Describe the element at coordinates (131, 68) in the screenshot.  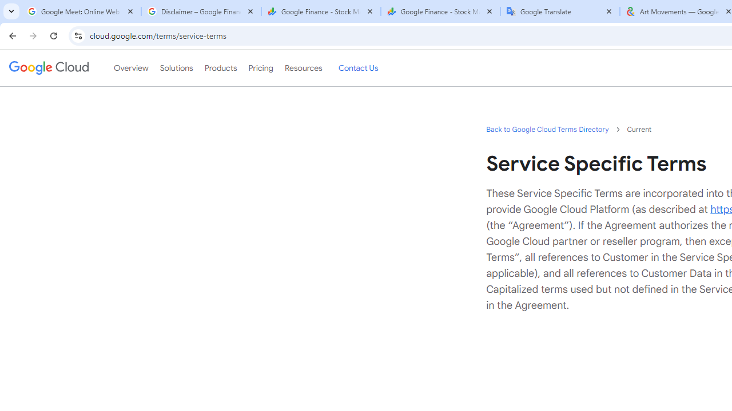
I see `'Overview'` at that location.